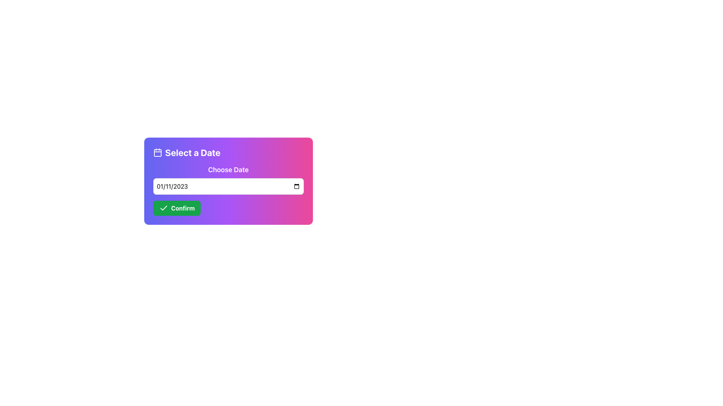  I want to click on the Text Label that describes the date input field, positioned directly above the date input box and below the 'Select a Date' header, so click(228, 180).